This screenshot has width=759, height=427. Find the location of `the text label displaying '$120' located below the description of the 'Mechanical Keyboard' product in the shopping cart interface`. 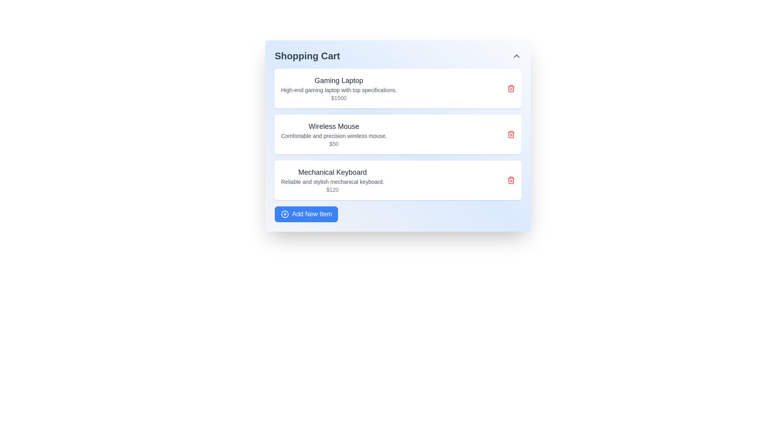

the text label displaying '$120' located below the description of the 'Mechanical Keyboard' product in the shopping cart interface is located at coordinates (332, 189).